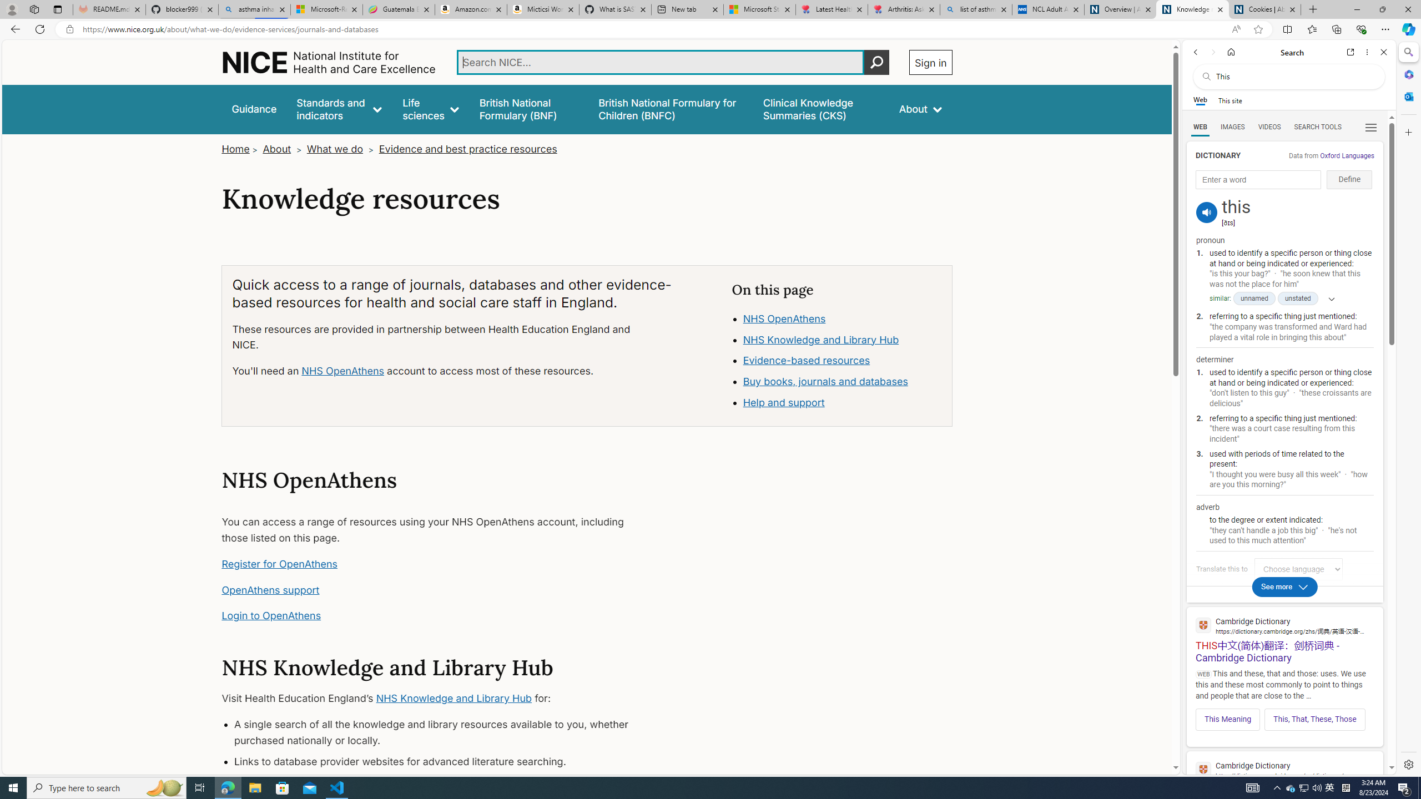 The width and height of the screenshot is (1421, 799). What do you see at coordinates (1346, 155) in the screenshot?
I see `'Oxford Languages'` at bounding box center [1346, 155].